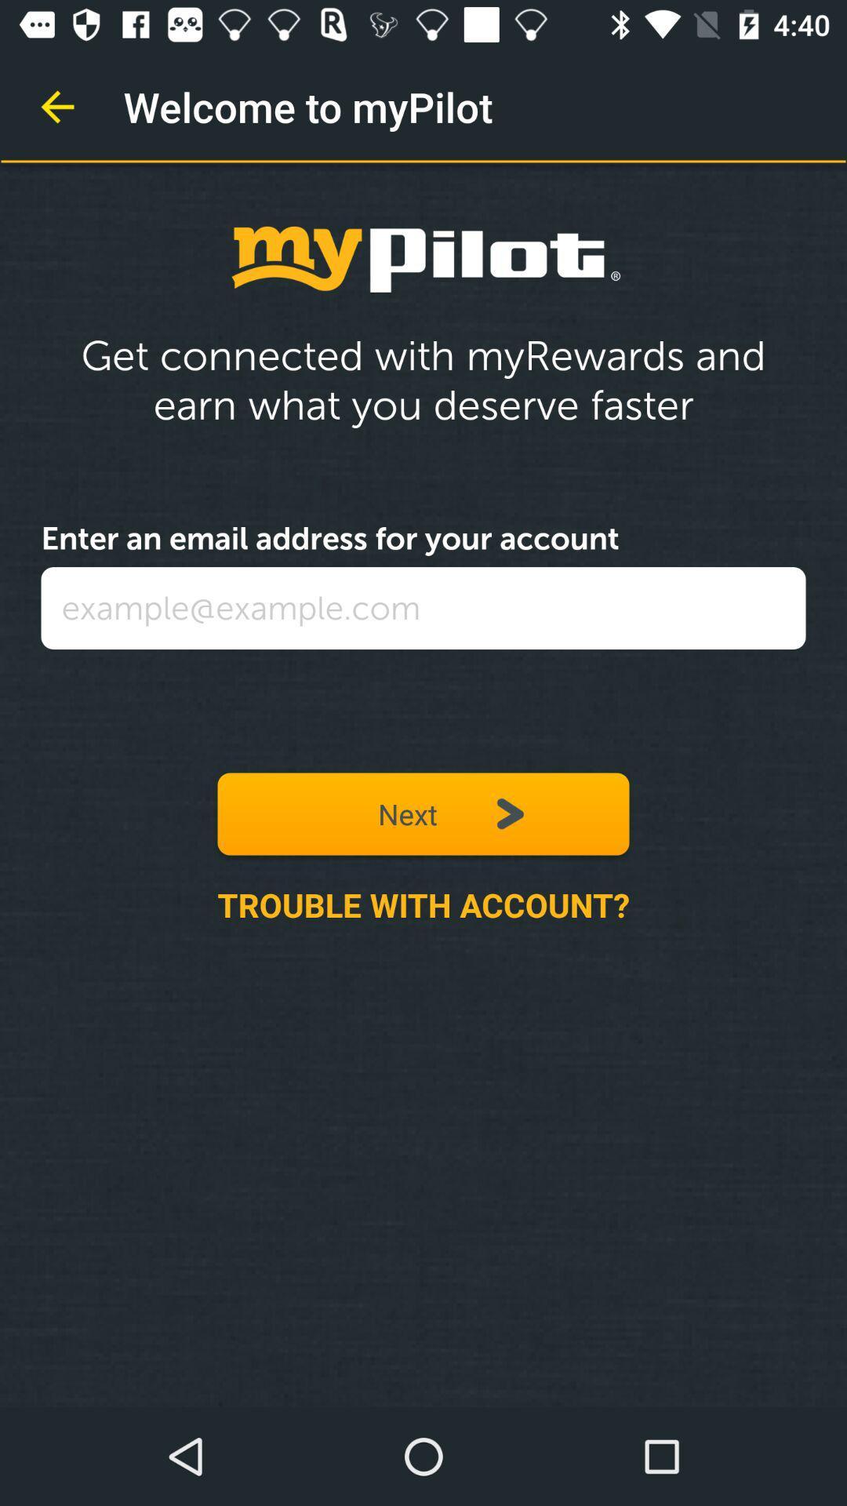 This screenshot has height=1506, width=847. What do you see at coordinates (423, 904) in the screenshot?
I see `icon below next item` at bounding box center [423, 904].